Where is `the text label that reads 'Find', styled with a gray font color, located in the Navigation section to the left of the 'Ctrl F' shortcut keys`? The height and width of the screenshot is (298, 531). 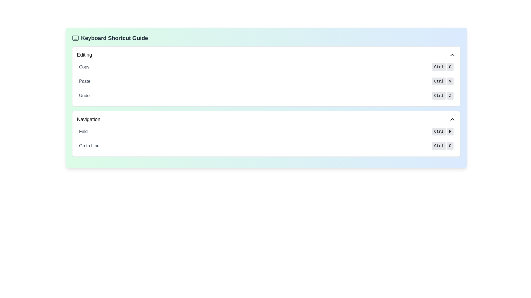
the text label that reads 'Find', styled with a gray font color, located in the Navigation section to the left of the 'Ctrl F' shortcut keys is located at coordinates (83, 132).